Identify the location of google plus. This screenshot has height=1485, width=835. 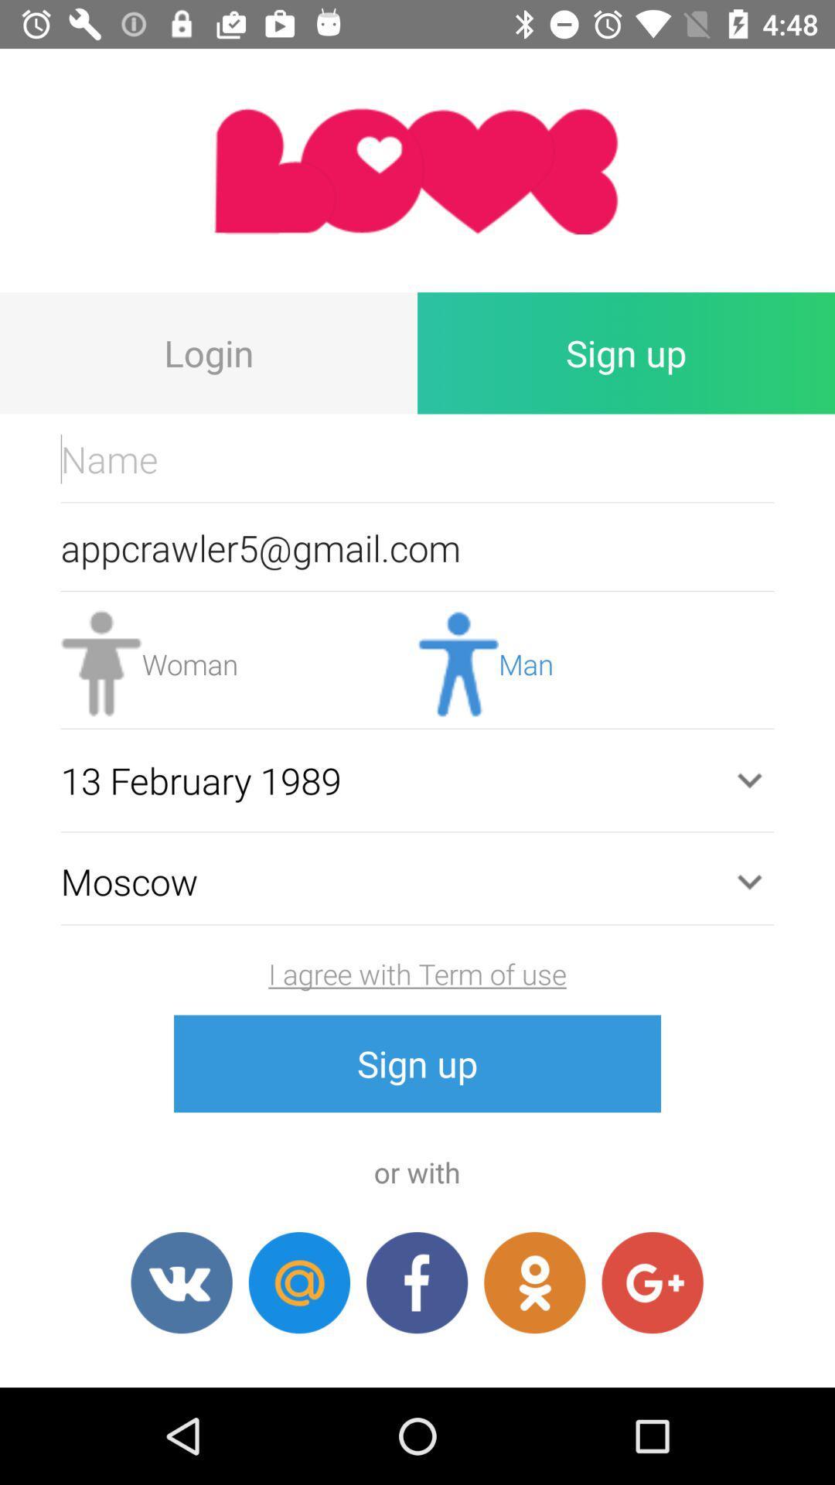
(653, 1282).